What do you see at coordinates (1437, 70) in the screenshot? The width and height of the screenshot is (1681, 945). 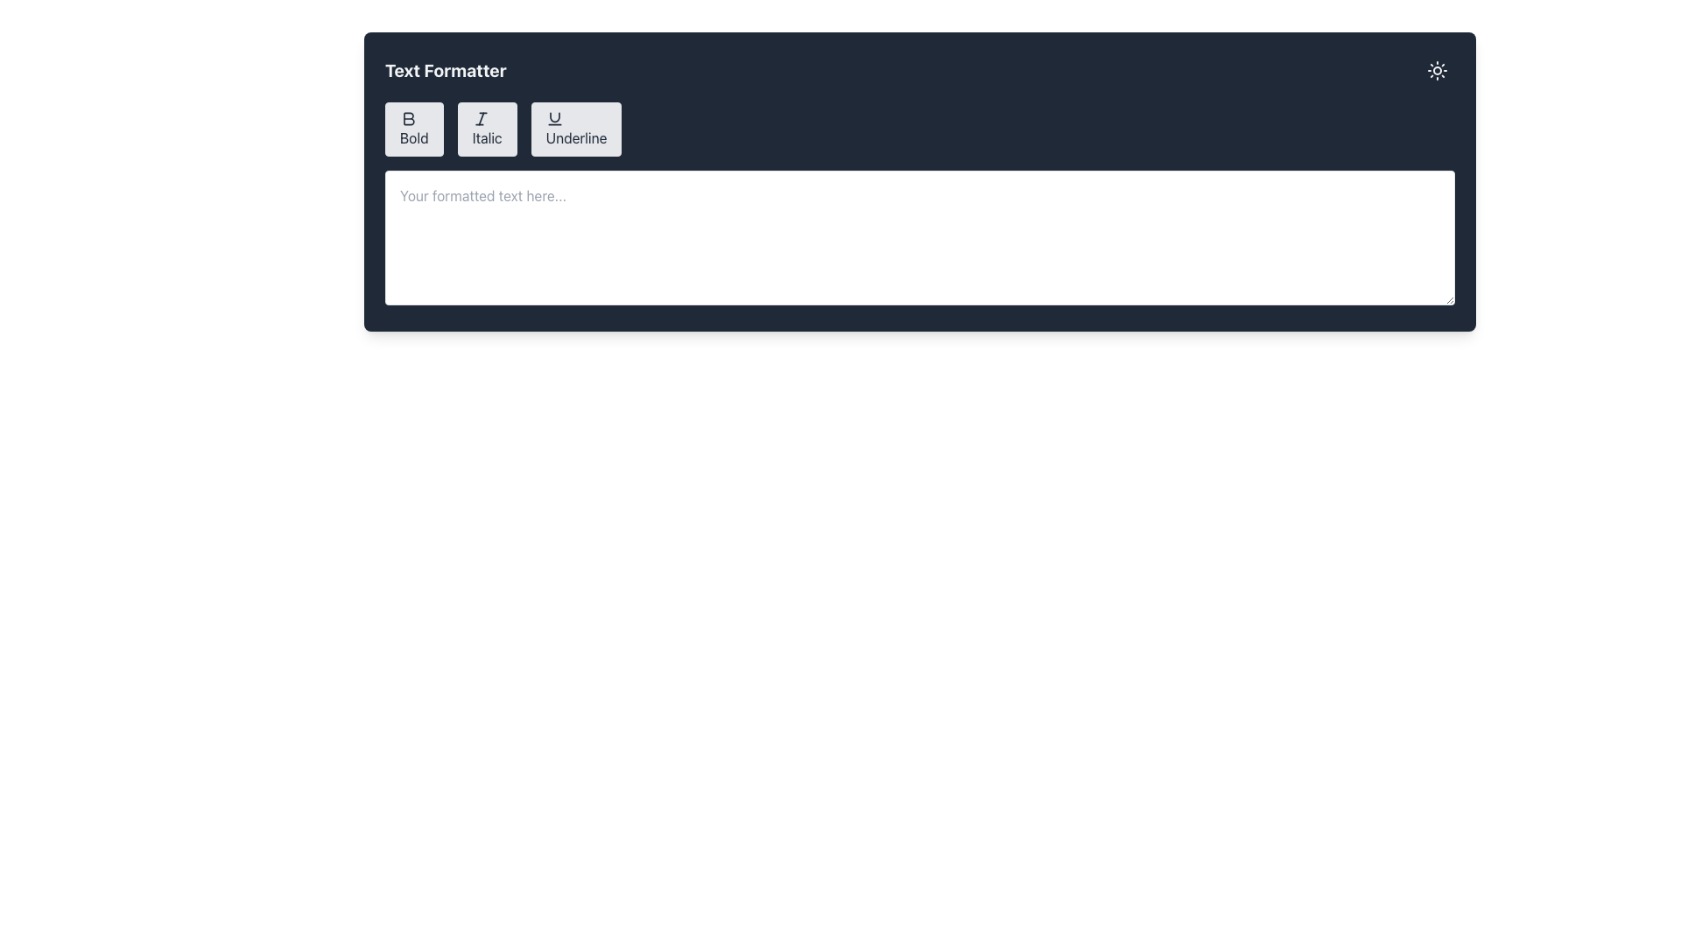 I see `the circular button with a sun icon in the top-right corner of the 'Text Formatter' section` at bounding box center [1437, 70].